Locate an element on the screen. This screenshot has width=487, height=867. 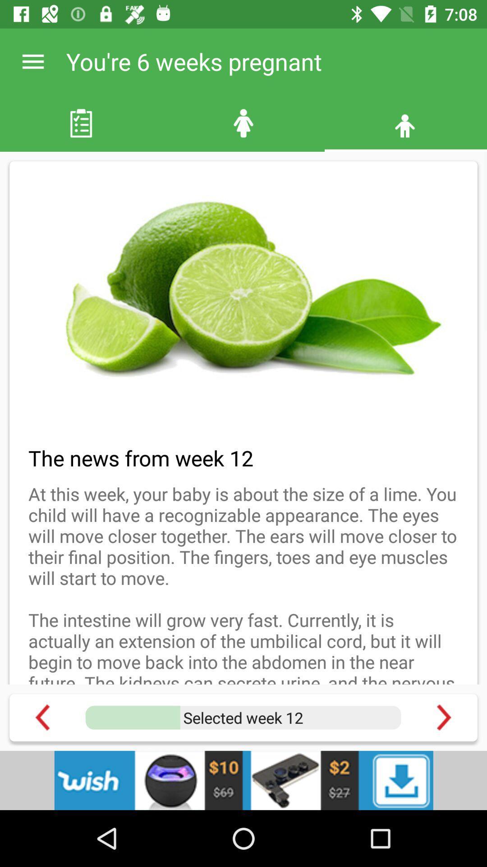
undo button is located at coordinates (42, 717).